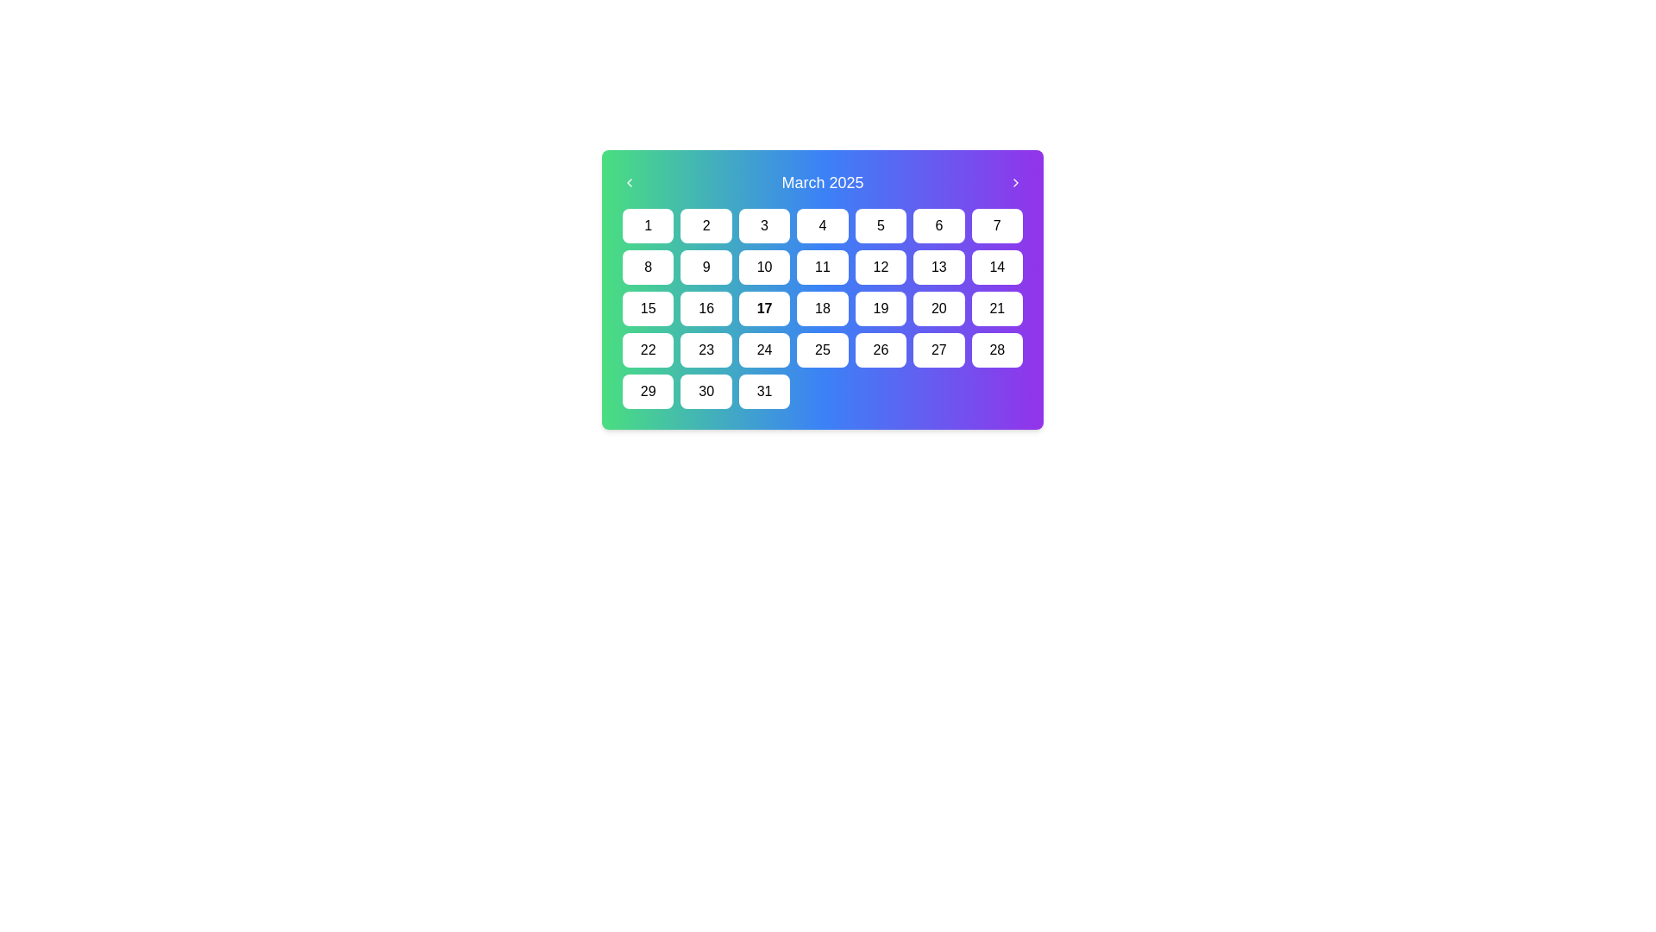 This screenshot has height=932, width=1656. Describe the element at coordinates (628, 183) in the screenshot. I see `the small left-pointing chevron icon button on the green background` at that location.